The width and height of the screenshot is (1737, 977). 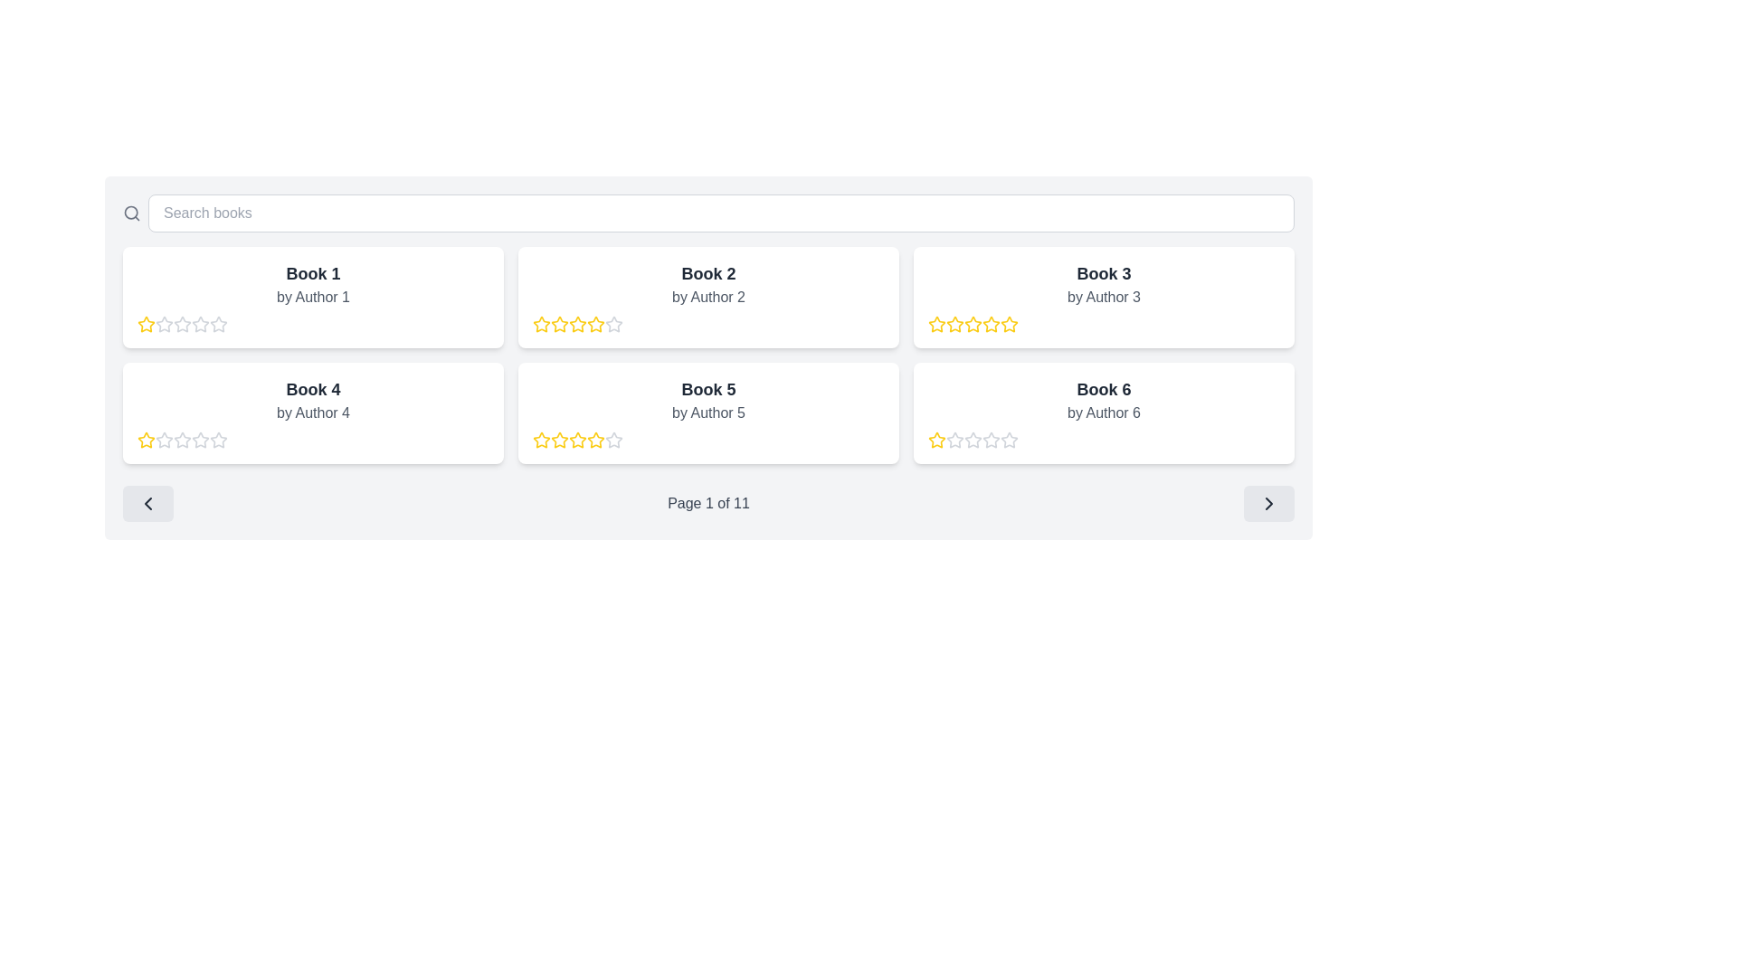 I want to click on the third star icon in the rating indicator for 'Book 4' by Author 4, which represents an unrated or inactive state in the rating system, so click(x=165, y=440).